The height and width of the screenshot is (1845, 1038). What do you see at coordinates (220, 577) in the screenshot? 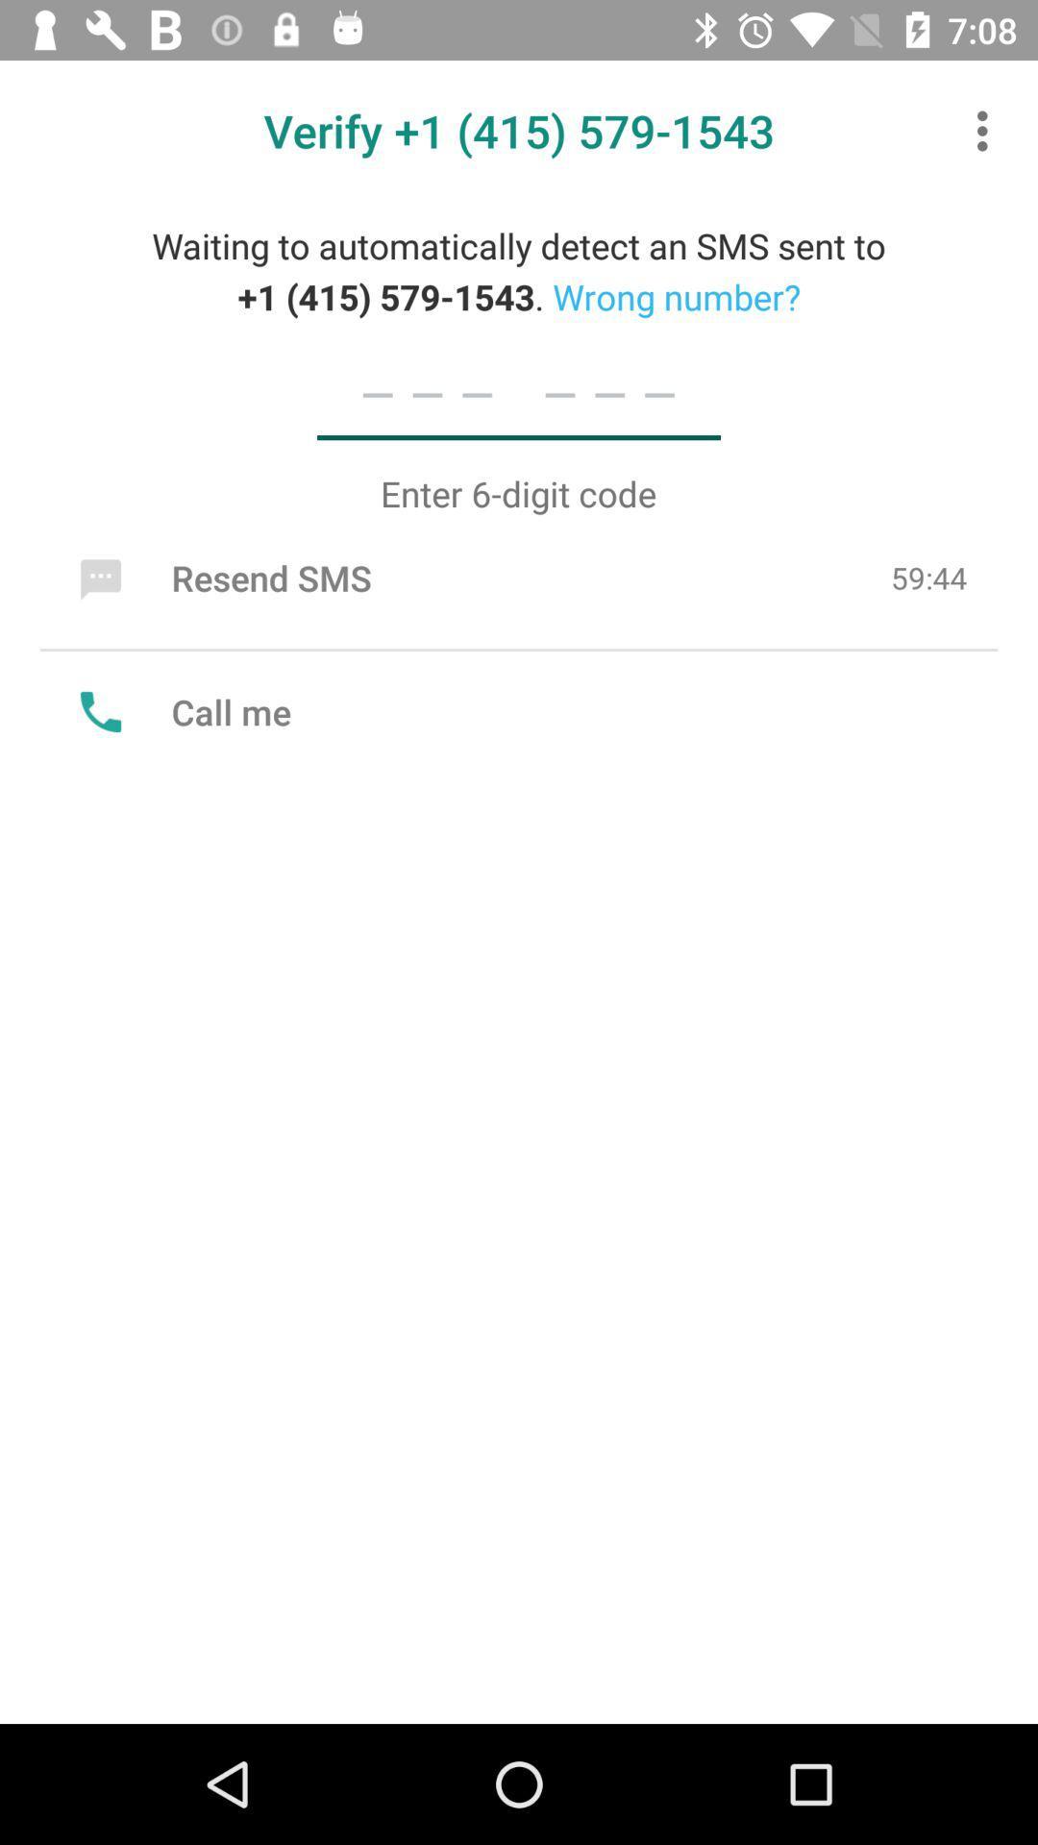
I see `resend sms item` at bounding box center [220, 577].